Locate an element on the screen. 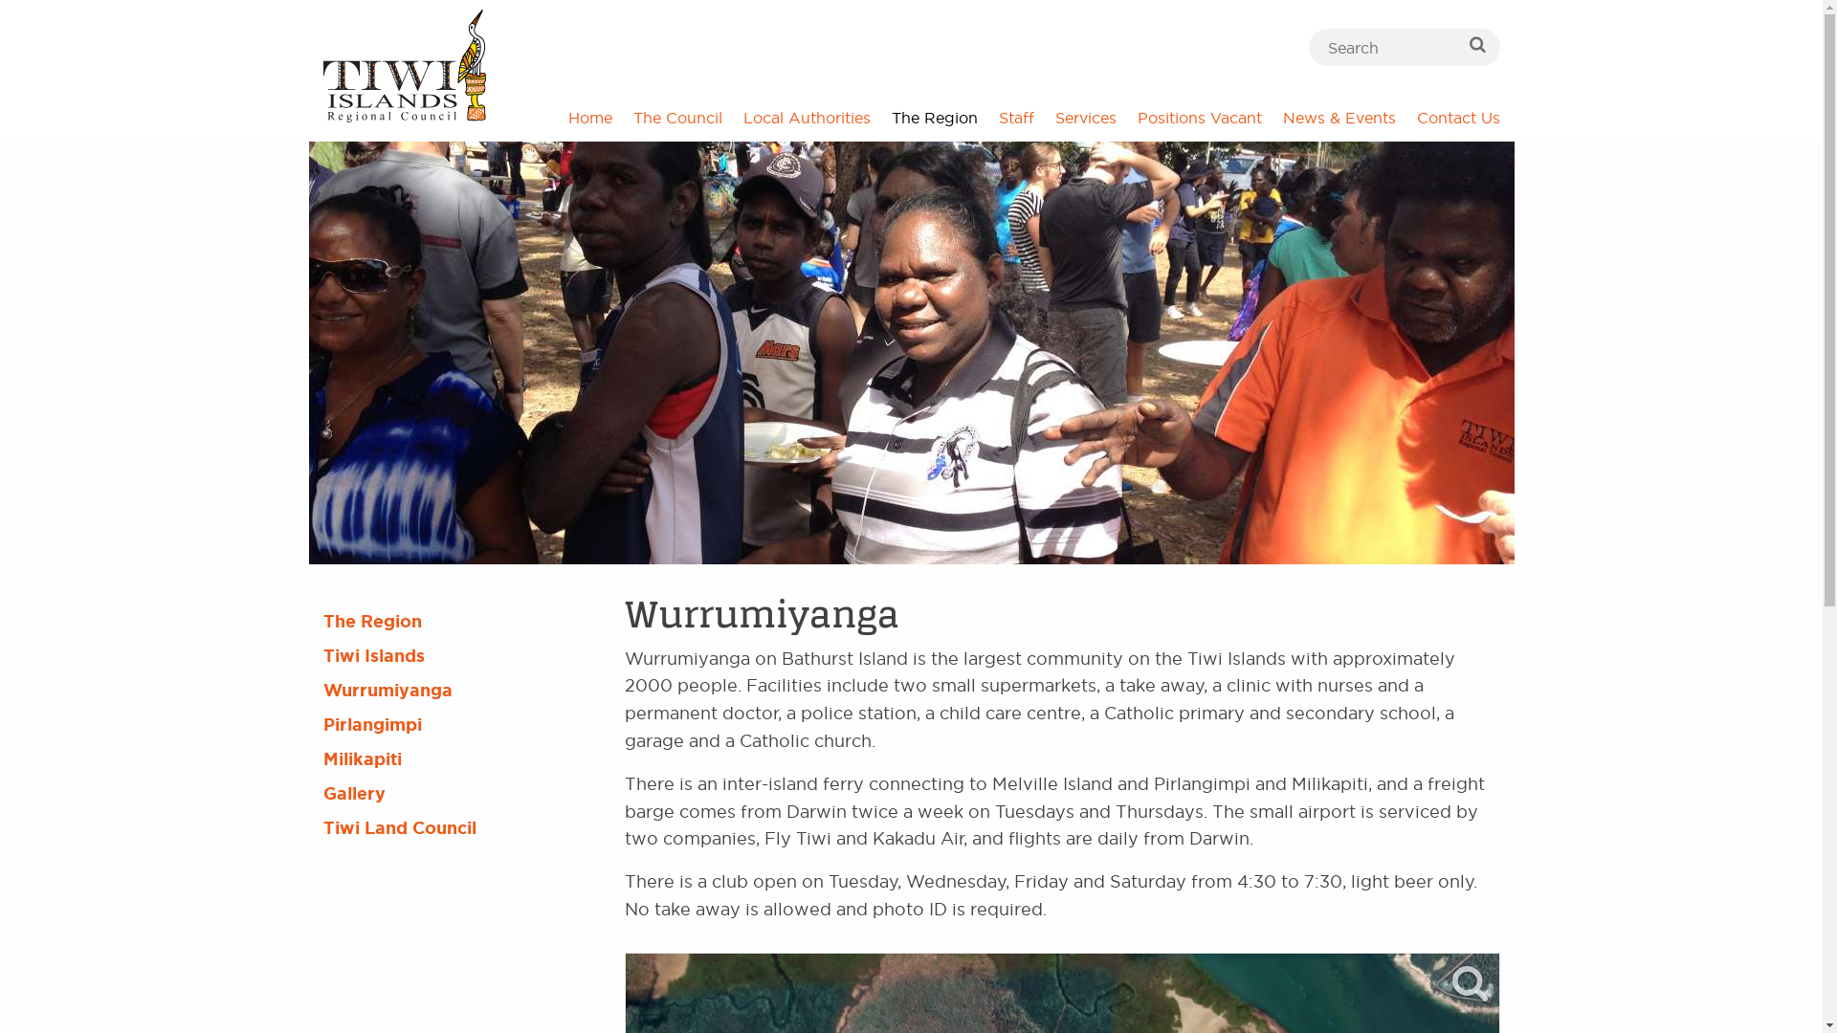 This screenshot has height=1033, width=1837. 'Tiwi Islands' is located at coordinates (457, 655).